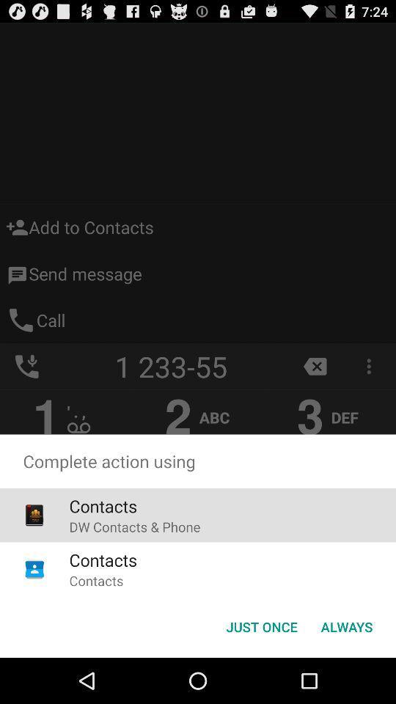  What do you see at coordinates (261, 626) in the screenshot?
I see `the item to the left of always` at bounding box center [261, 626].